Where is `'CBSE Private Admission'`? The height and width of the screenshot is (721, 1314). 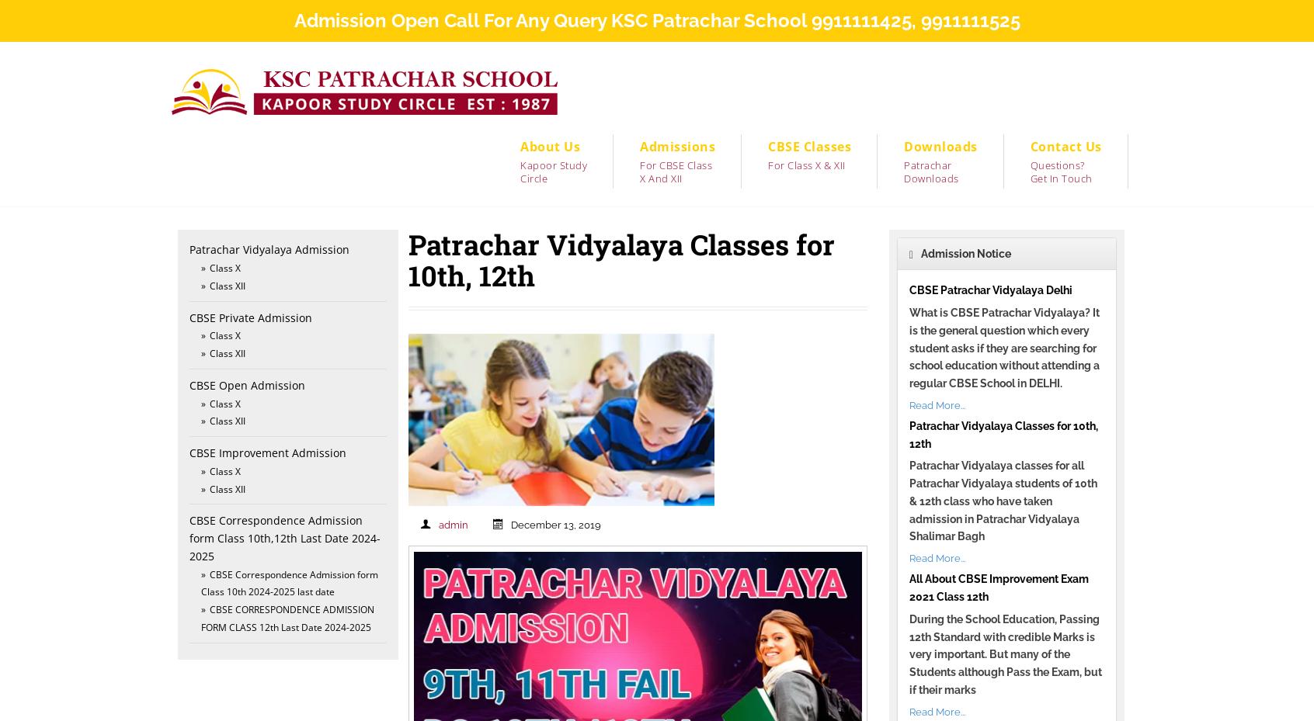
'CBSE Private Admission' is located at coordinates (250, 316).